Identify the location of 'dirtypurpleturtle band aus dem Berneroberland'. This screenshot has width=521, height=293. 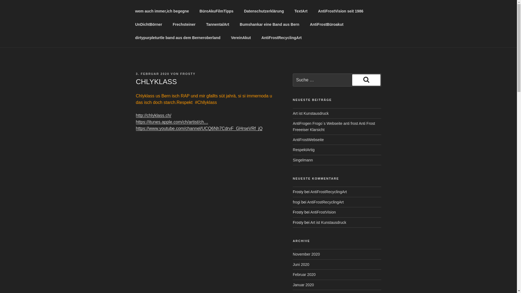
(177, 37).